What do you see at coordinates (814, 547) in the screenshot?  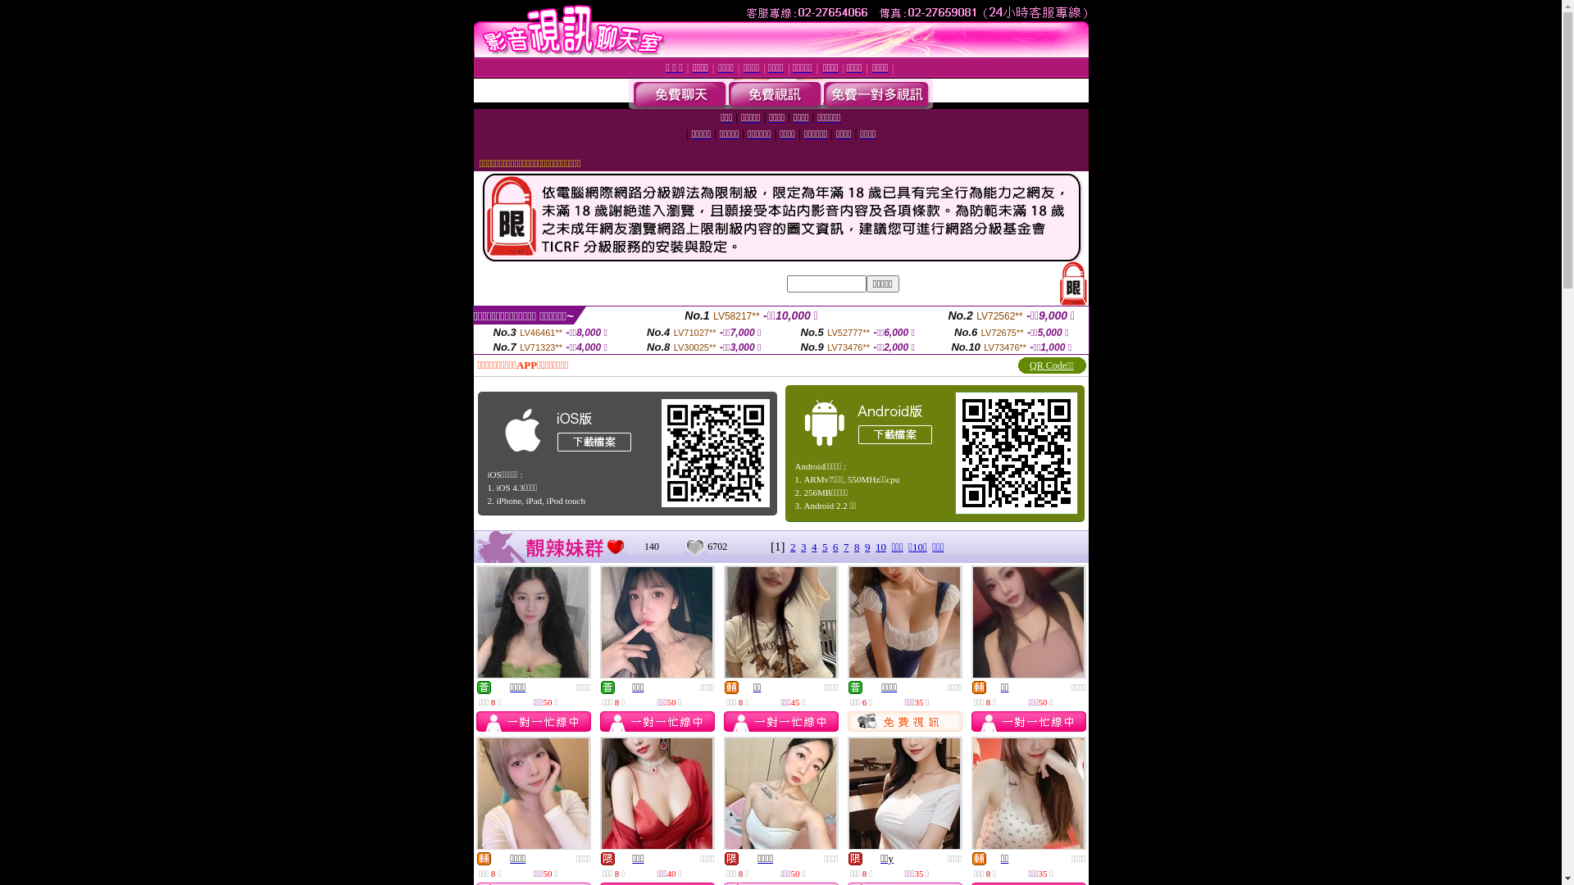 I see `'4'` at bounding box center [814, 547].